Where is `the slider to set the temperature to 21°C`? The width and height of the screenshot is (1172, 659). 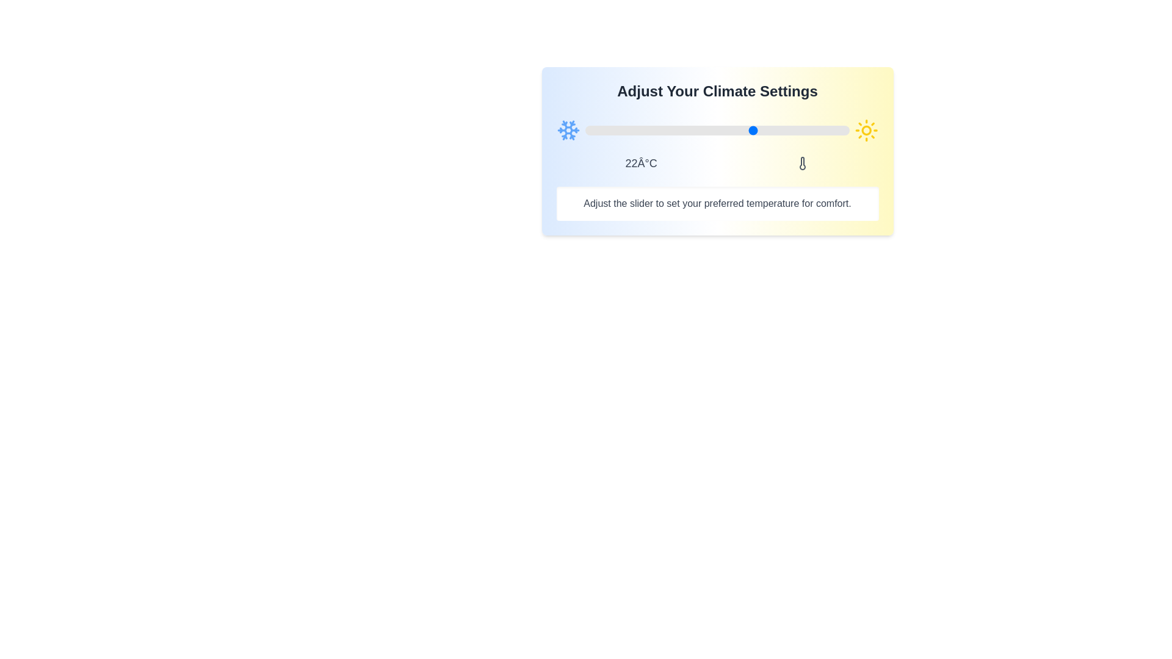 the slider to set the temperature to 21°C is located at coordinates (748, 130).